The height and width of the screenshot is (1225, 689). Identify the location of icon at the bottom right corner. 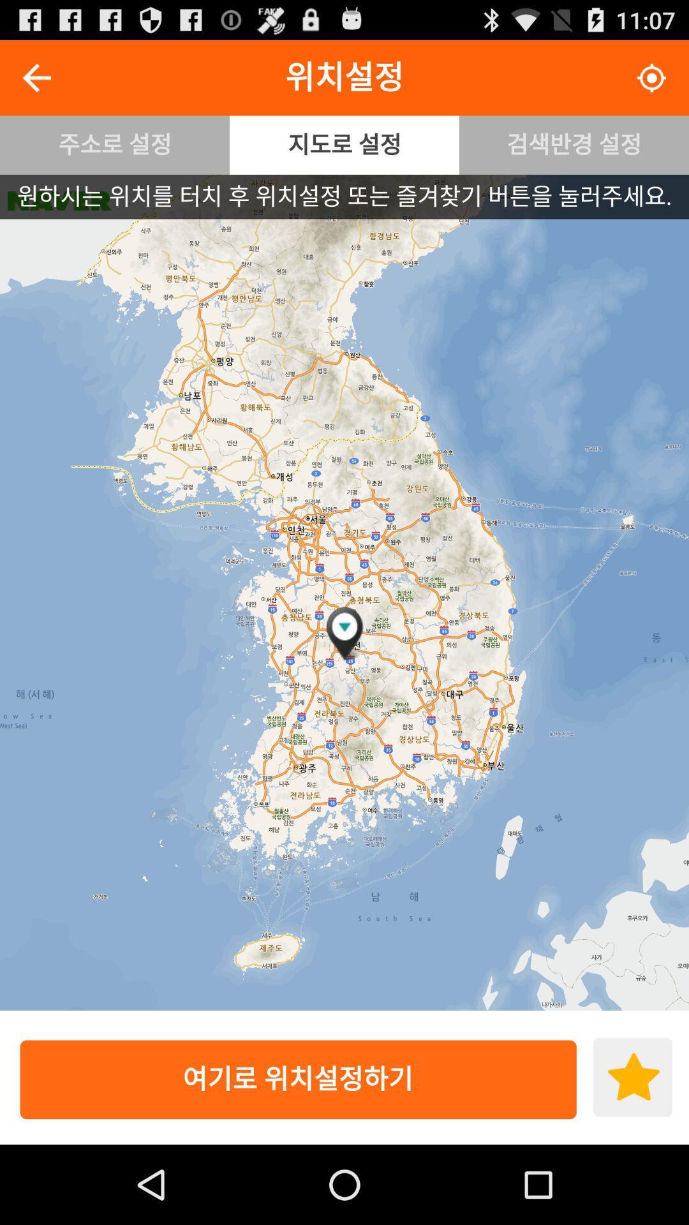
(632, 1076).